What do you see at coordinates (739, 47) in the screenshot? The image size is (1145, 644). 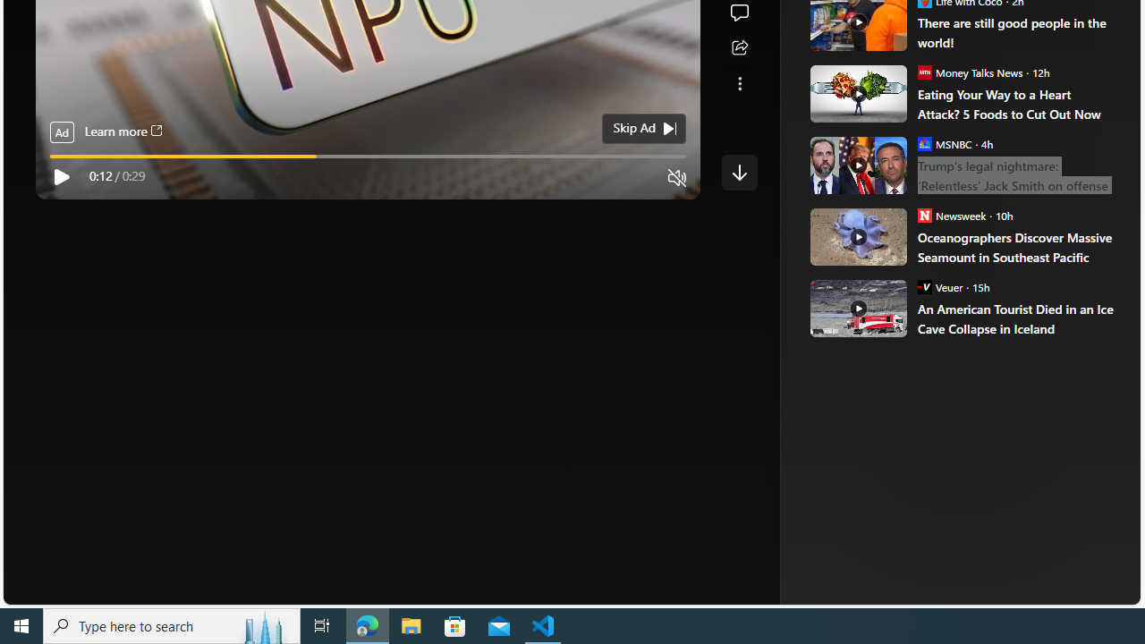 I see `'Share this story'` at bounding box center [739, 47].